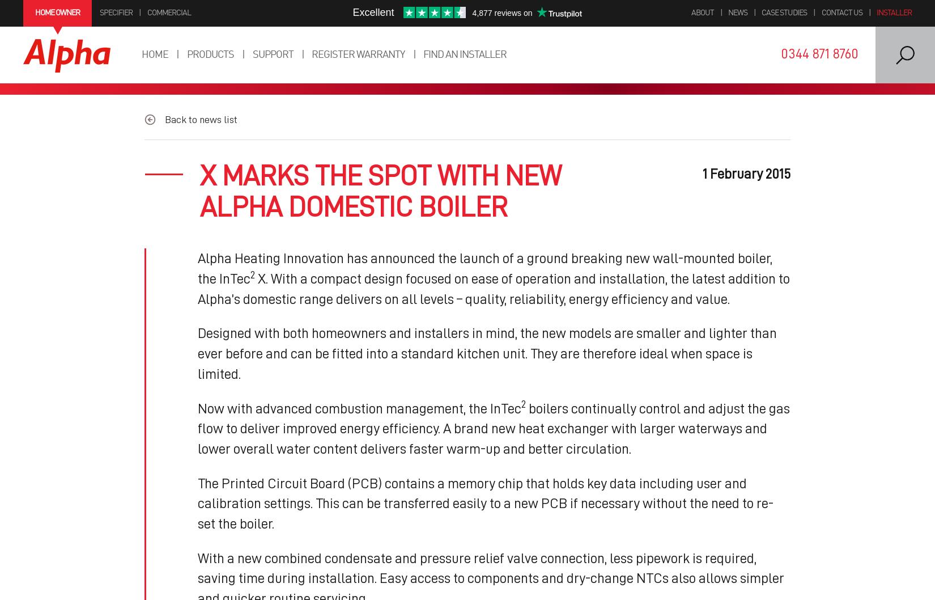  Describe the element at coordinates (746, 173) in the screenshot. I see `'1 February 2015'` at that location.